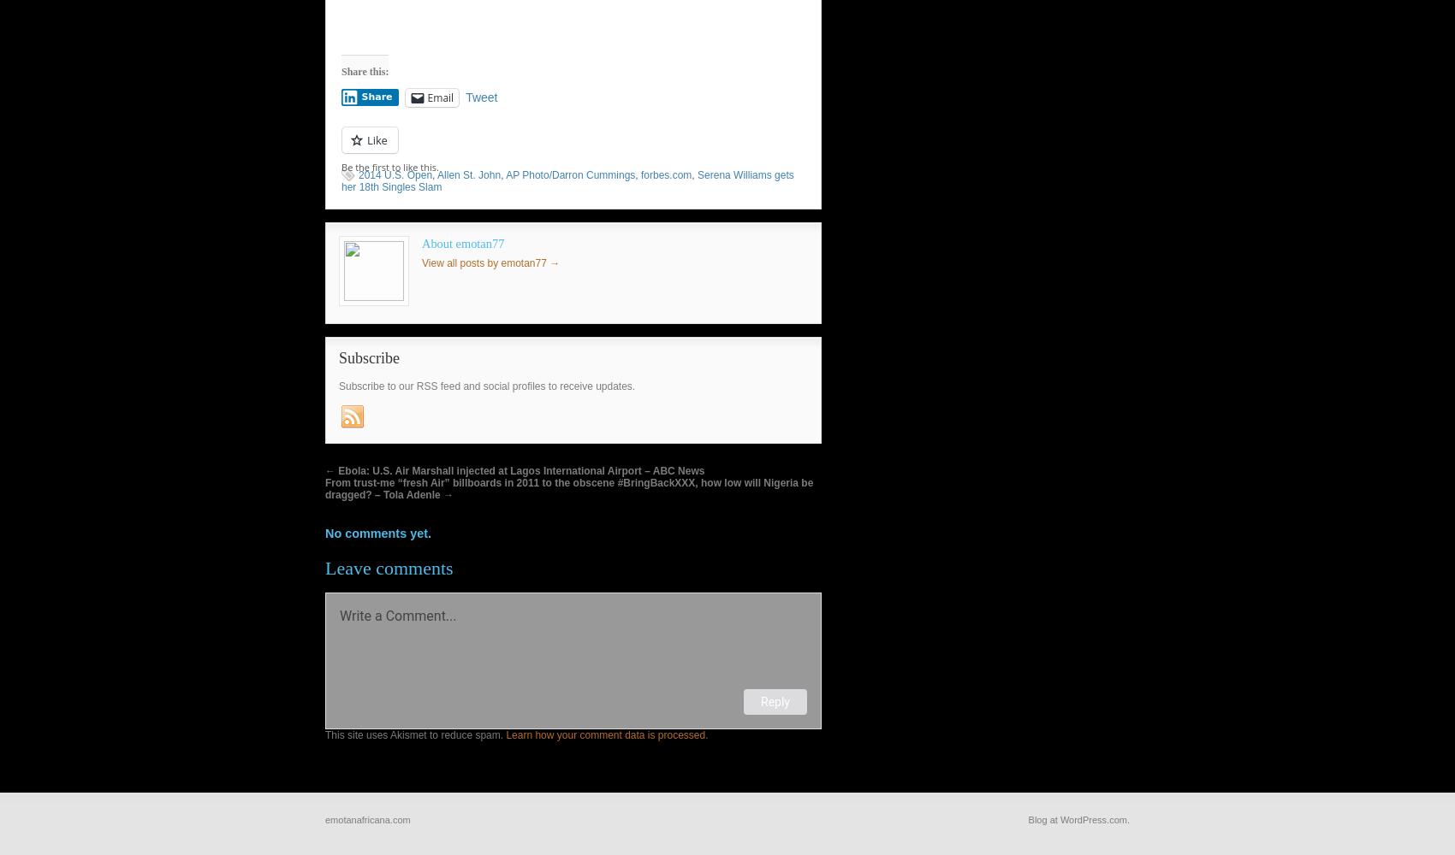  Describe the element at coordinates (485, 385) in the screenshot. I see `'Subscribe to our RSS feed and social profiles to receive updates.'` at that location.